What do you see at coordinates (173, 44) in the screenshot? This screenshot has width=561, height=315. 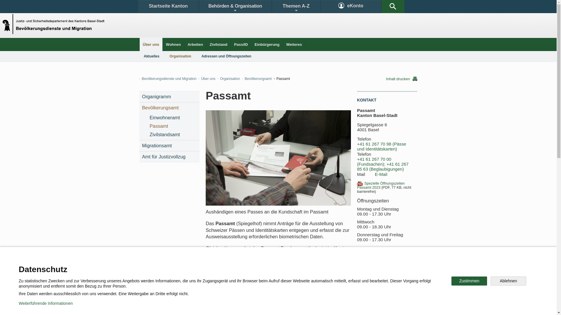 I see `'Wohnen'` at bounding box center [173, 44].